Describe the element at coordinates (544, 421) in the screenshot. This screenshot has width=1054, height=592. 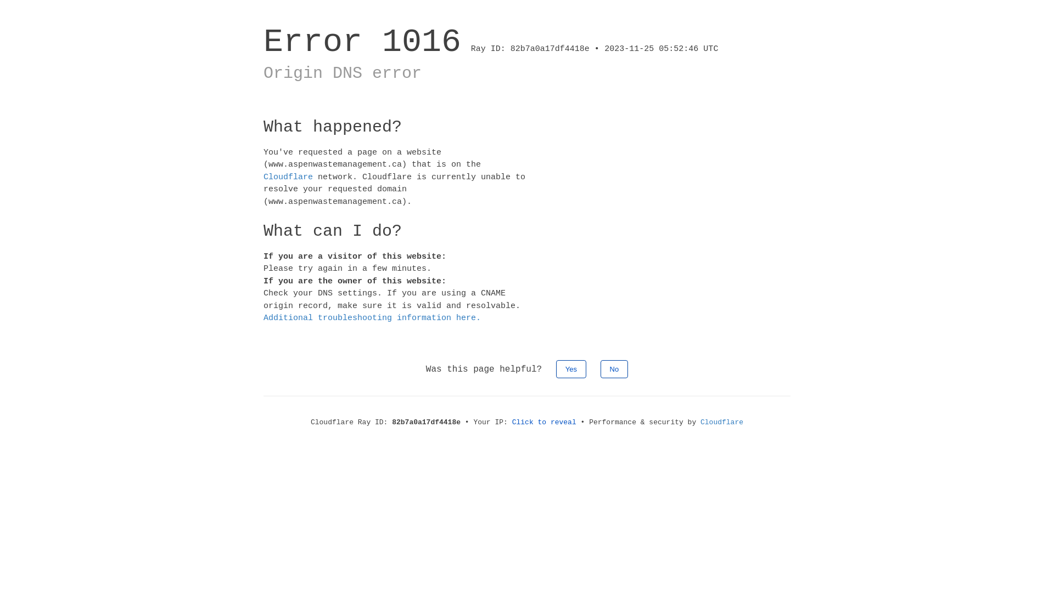
I see `'Click to reveal'` at that location.